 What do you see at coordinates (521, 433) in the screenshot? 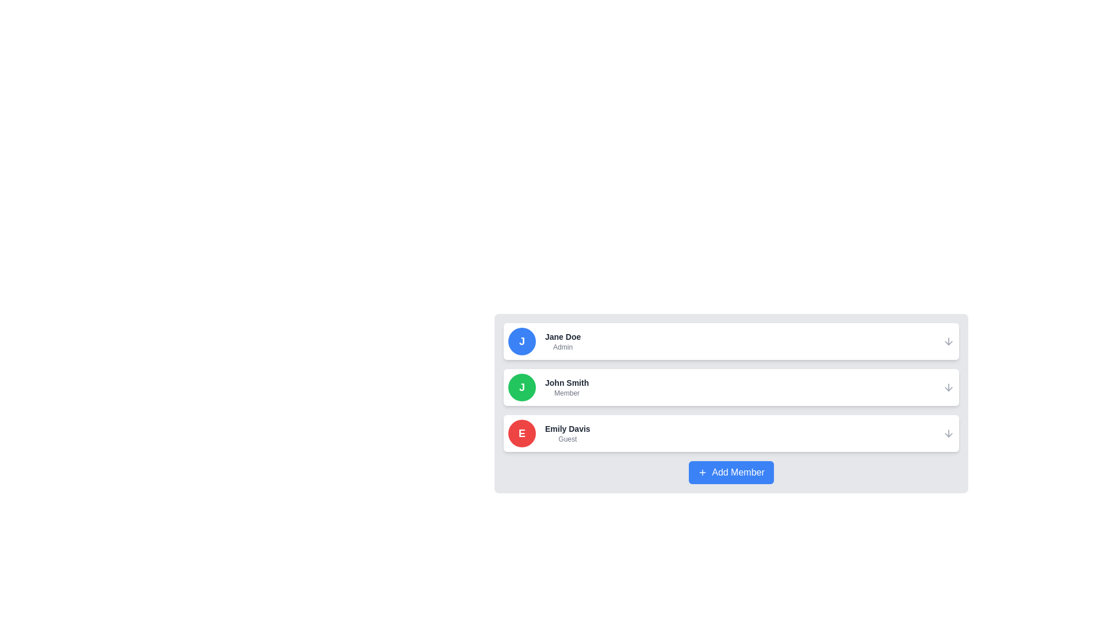
I see `the Circular avatar icon that serves as an avatar or initial indicator for the member represented in the adjacent details` at bounding box center [521, 433].